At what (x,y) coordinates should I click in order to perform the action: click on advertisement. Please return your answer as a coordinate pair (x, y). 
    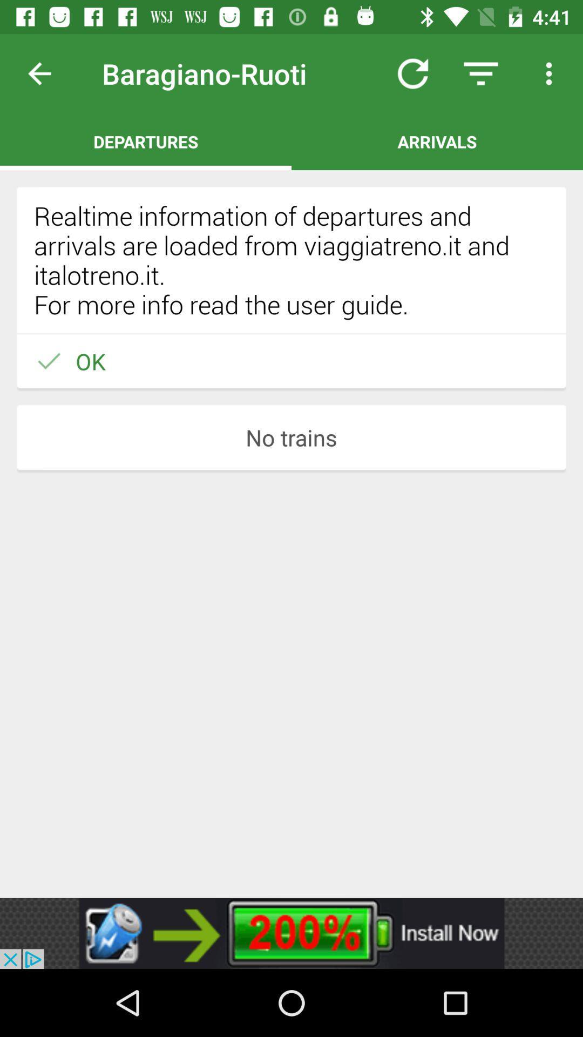
    Looking at the image, I should click on (291, 933).